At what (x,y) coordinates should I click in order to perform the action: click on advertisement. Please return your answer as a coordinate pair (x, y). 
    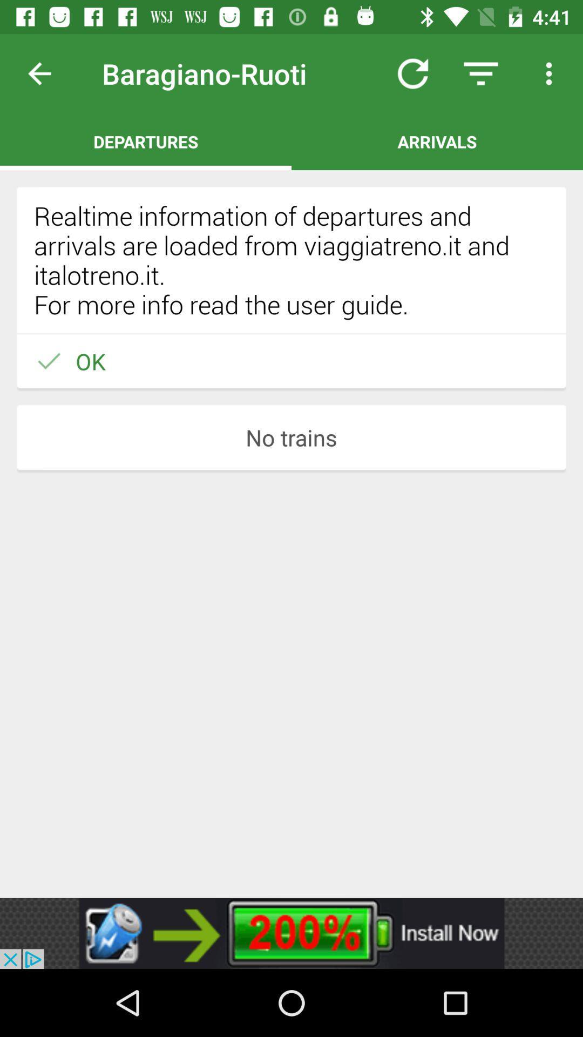
    Looking at the image, I should click on (291, 933).